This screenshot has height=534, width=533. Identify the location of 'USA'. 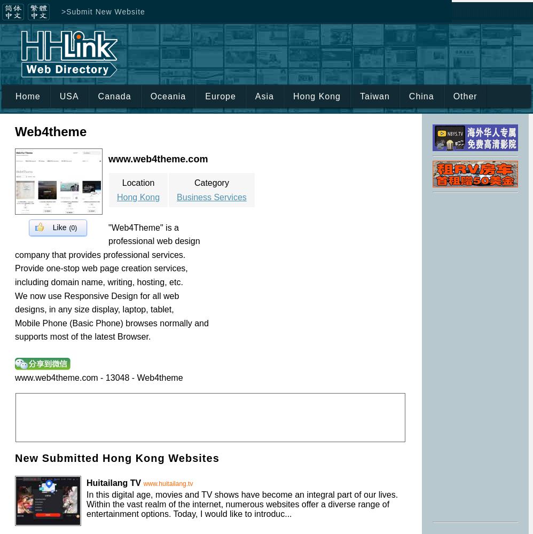
(69, 96).